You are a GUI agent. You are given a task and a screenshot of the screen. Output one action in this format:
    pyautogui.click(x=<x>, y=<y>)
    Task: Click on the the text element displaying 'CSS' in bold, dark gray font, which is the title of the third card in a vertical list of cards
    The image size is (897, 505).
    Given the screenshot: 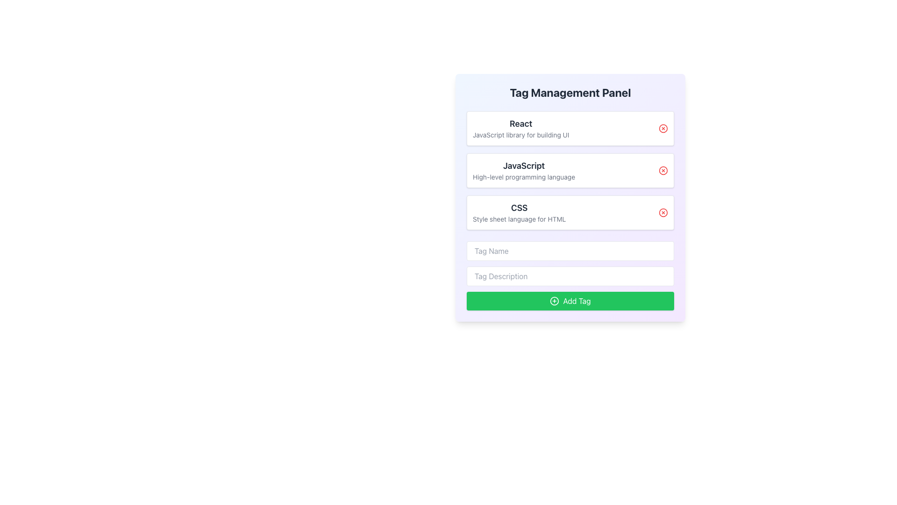 What is the action you would take?
    pyautogui.click(x=519, y=207)
    